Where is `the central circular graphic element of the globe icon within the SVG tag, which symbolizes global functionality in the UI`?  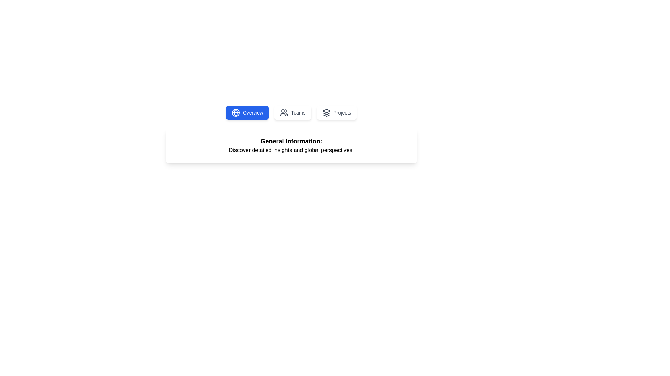 the central circular graphic element of the globe icon within the SVG tag, which symbolizes global functionality in the UI is located at coordinates (236, 112).